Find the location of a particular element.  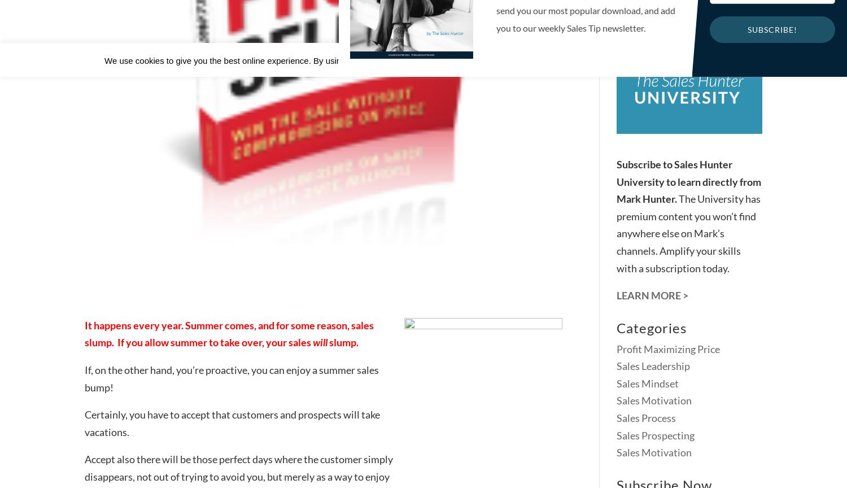

'We use cookies to give you the best online experience. By using our website, you agree to our use of cookies in accordance with our privacy policy.' is located at coordinates (381, 60).